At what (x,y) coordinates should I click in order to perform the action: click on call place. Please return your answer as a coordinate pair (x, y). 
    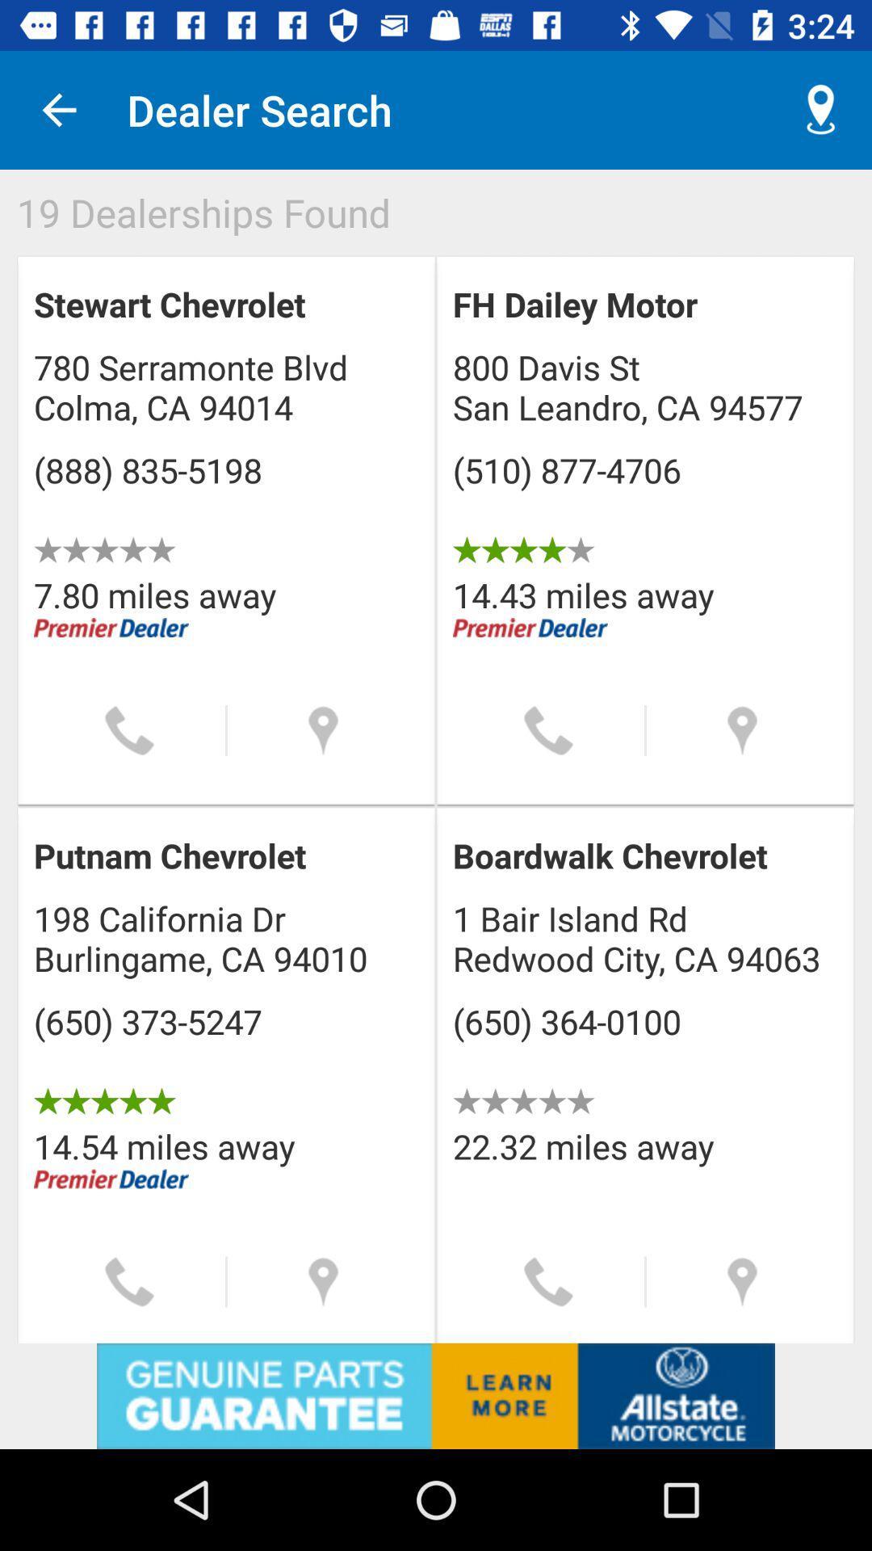
    Looking at the image, I should click on (128, 729).